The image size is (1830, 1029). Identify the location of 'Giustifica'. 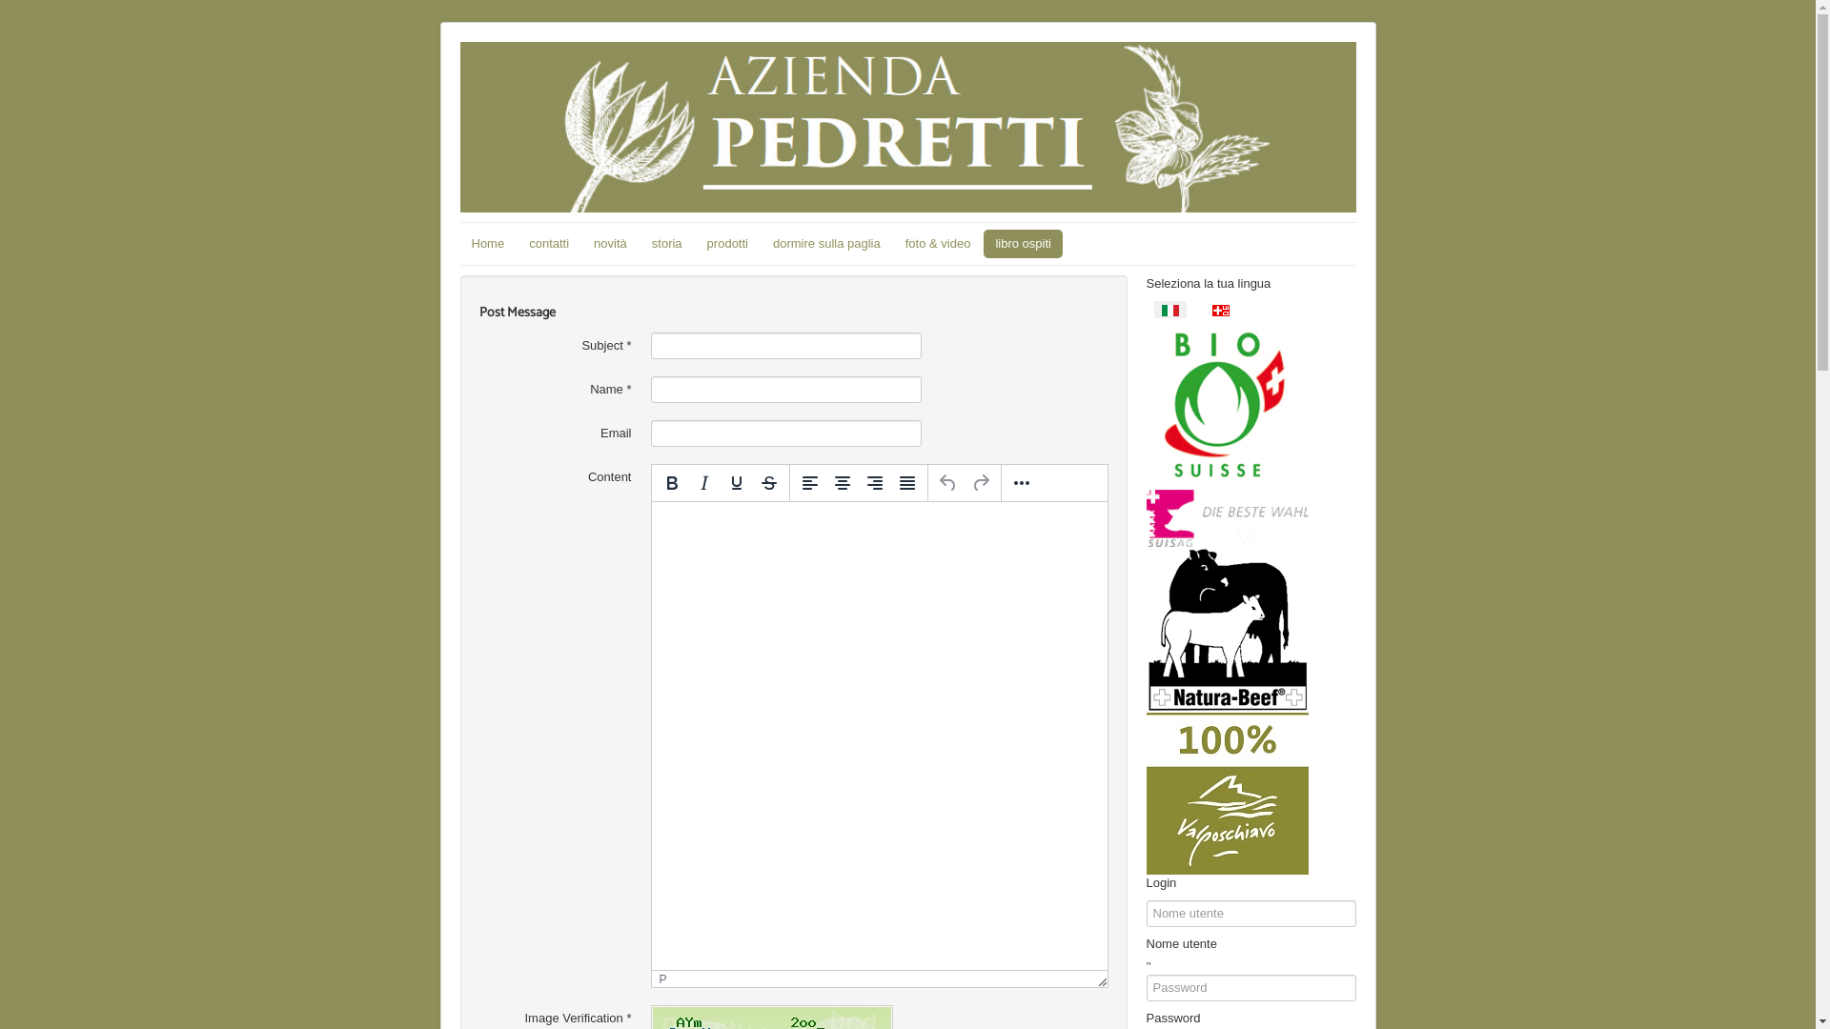
(905, 481).